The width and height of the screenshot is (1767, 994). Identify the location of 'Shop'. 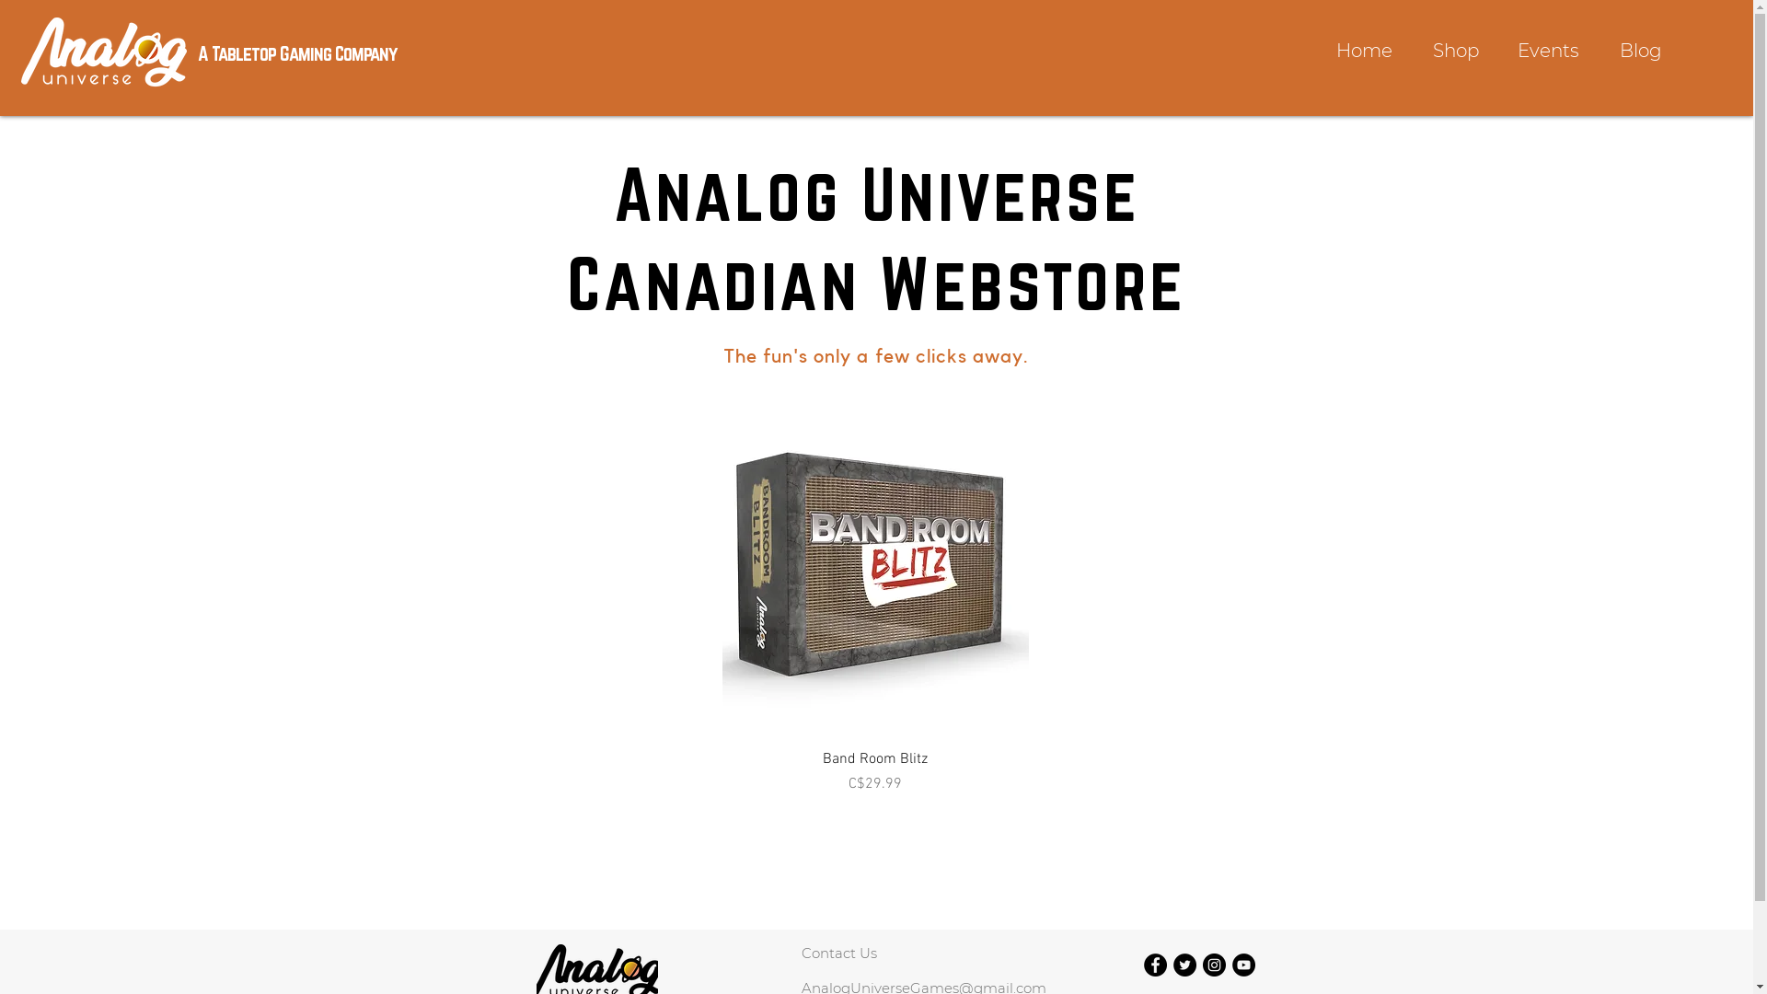
(1455, 52).